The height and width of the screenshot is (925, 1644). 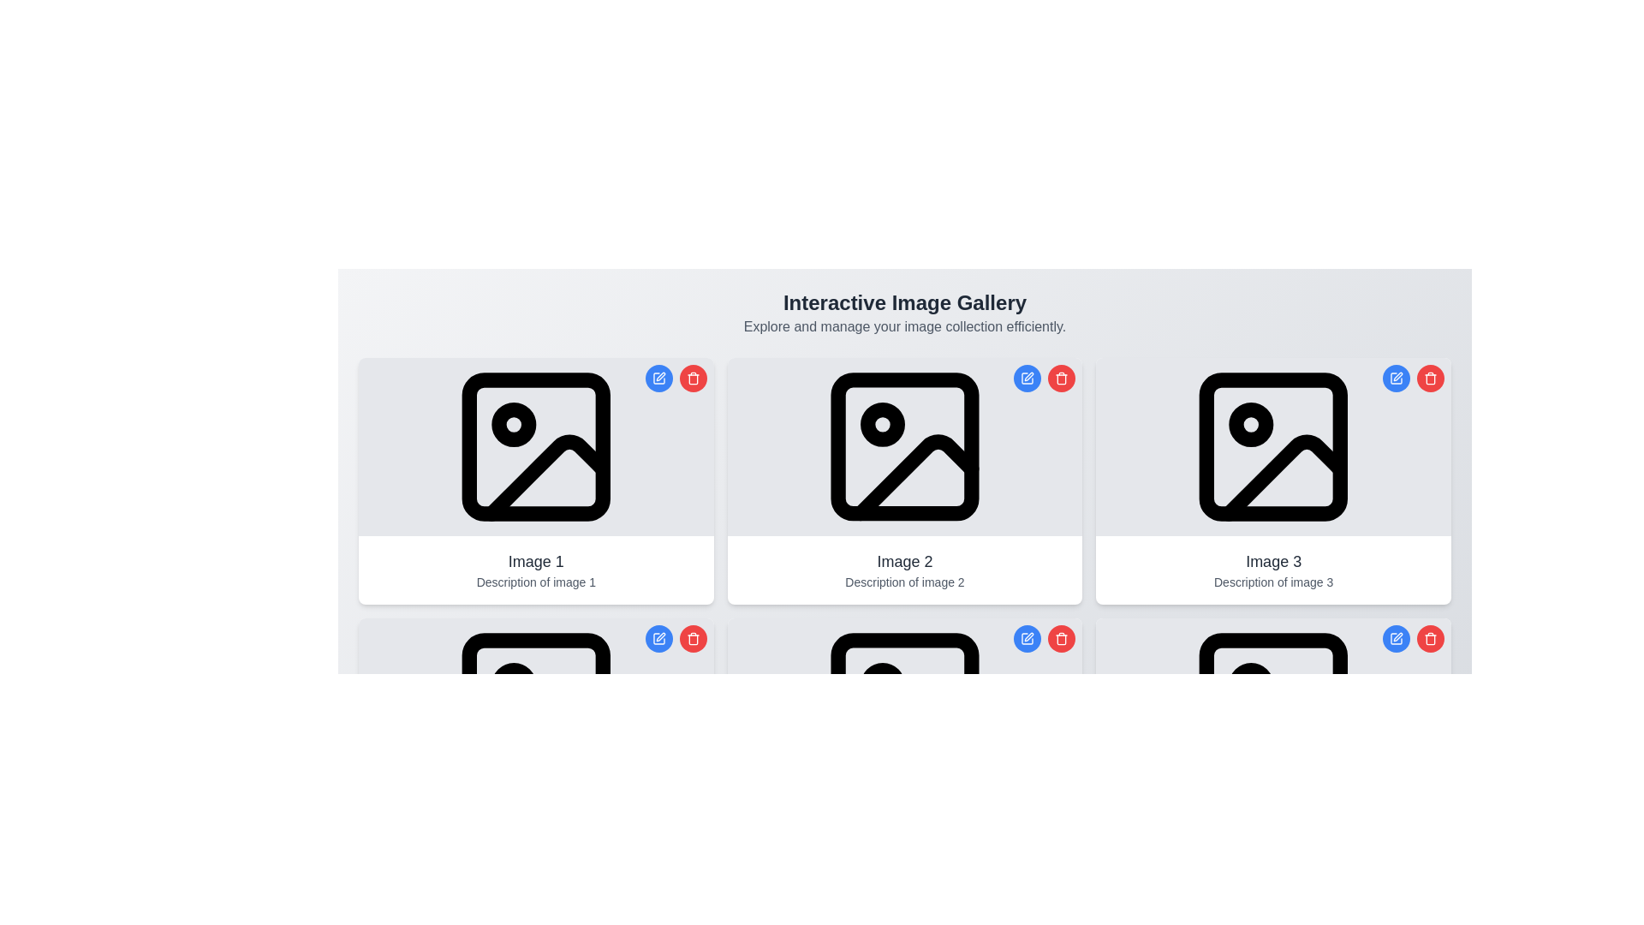 What do you see at coordinates (658, 638) in the screenshot?
I see `the blue circular button with a white pen icon located at the top-right corner of the card for Image 2` at bounding box center [658, 638].